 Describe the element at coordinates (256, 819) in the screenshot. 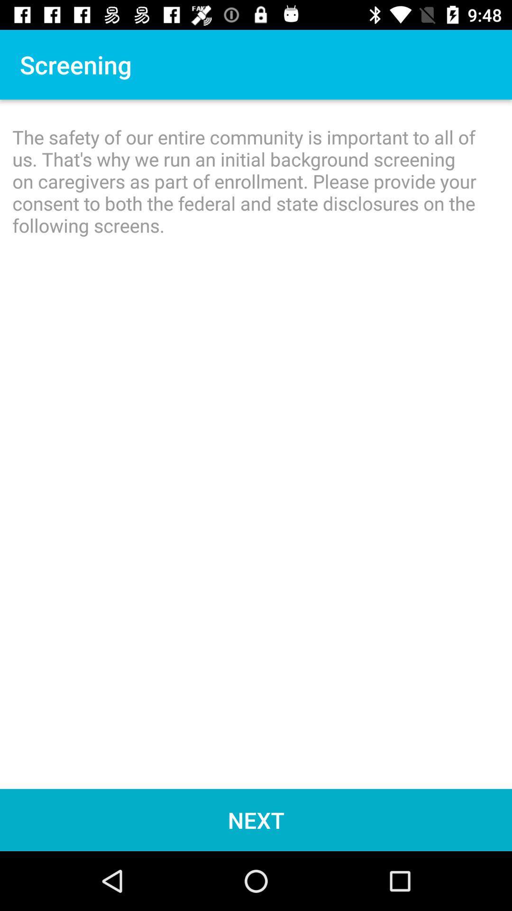

I see `item below the safety of icon` at that location.